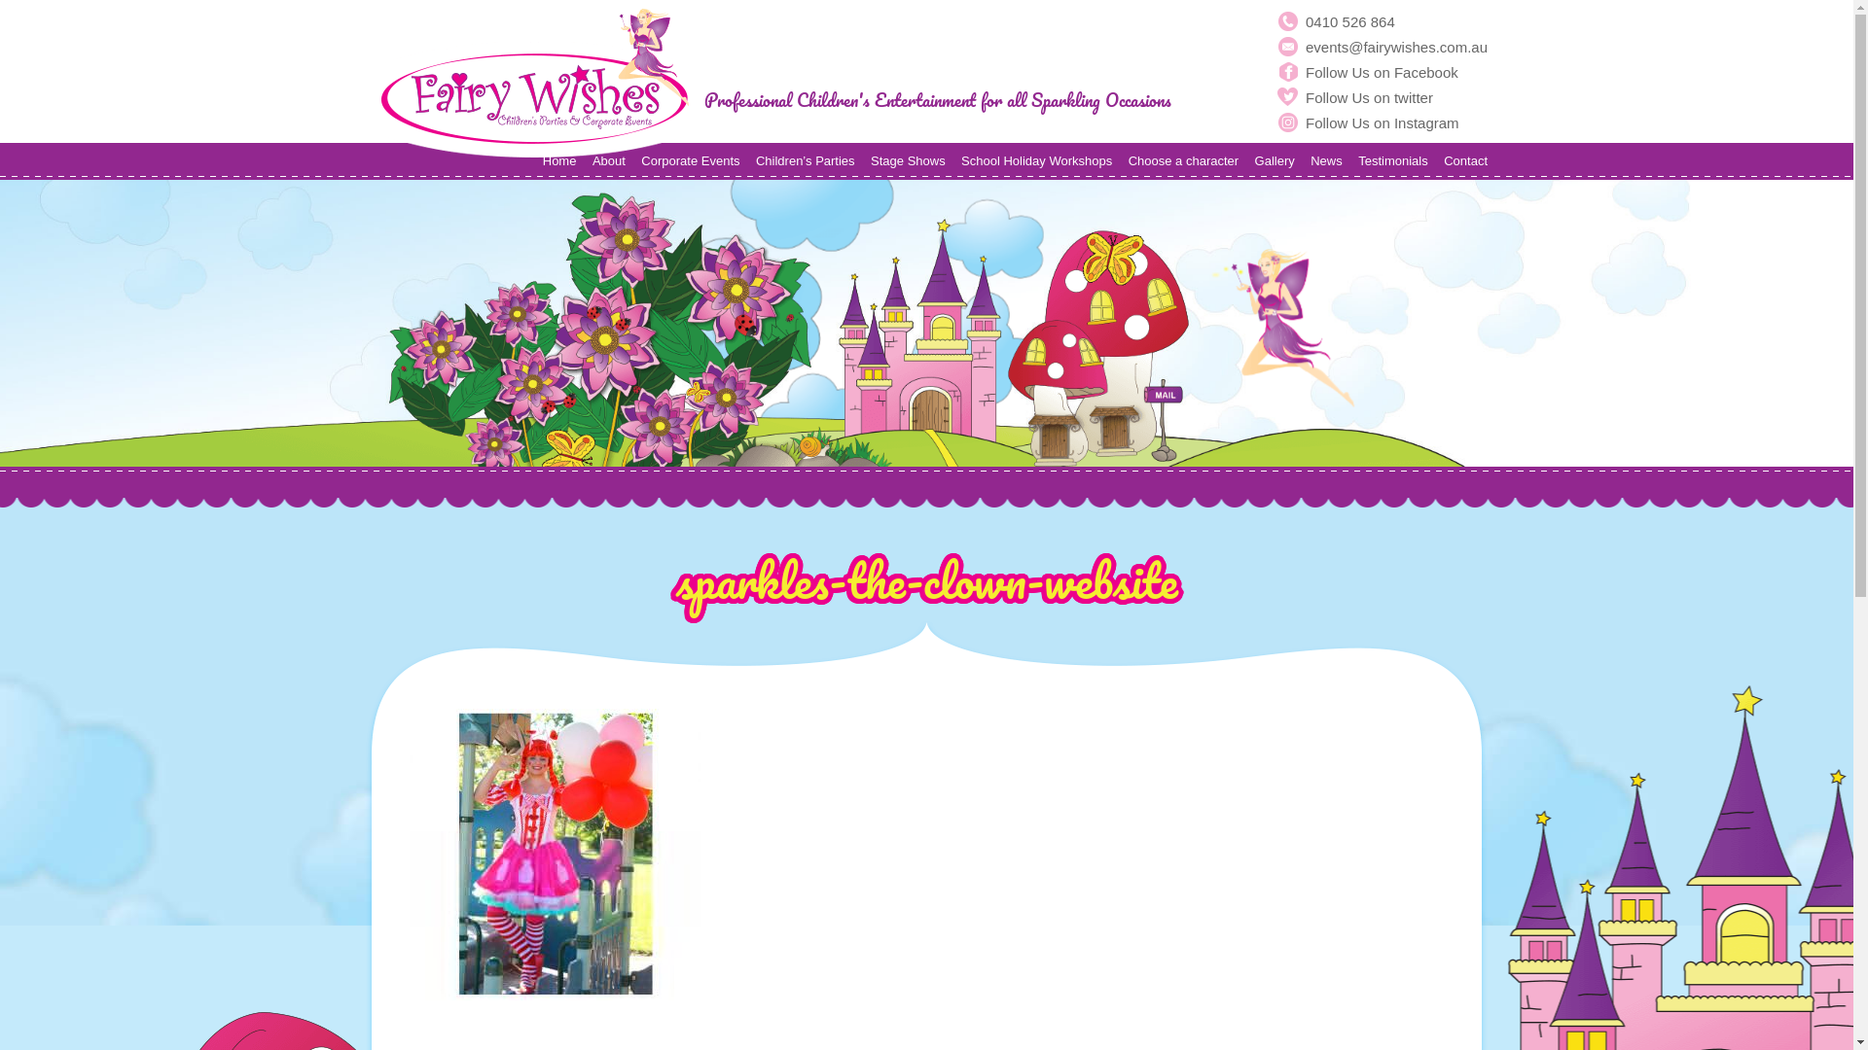  What do you see at coordinates (690, 159) in the screenshot?
I see `'Corporate Events'` at bounding box center [690, 159].